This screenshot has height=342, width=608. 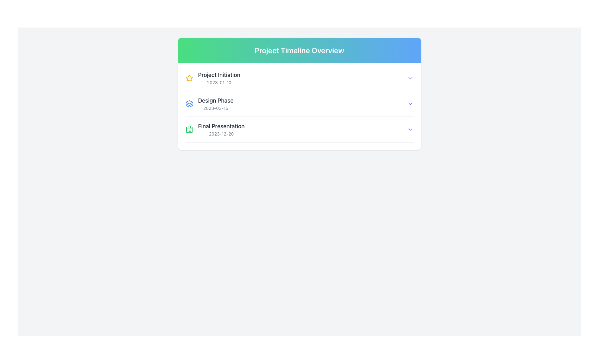 What do you see at coordinates (189, 129) in the screenshot?
I see `the green-bordered square with rounded corners inside the calendar icon representing the 'Final Presentation' phase in the timeline section` at bounding box center [189, 129].